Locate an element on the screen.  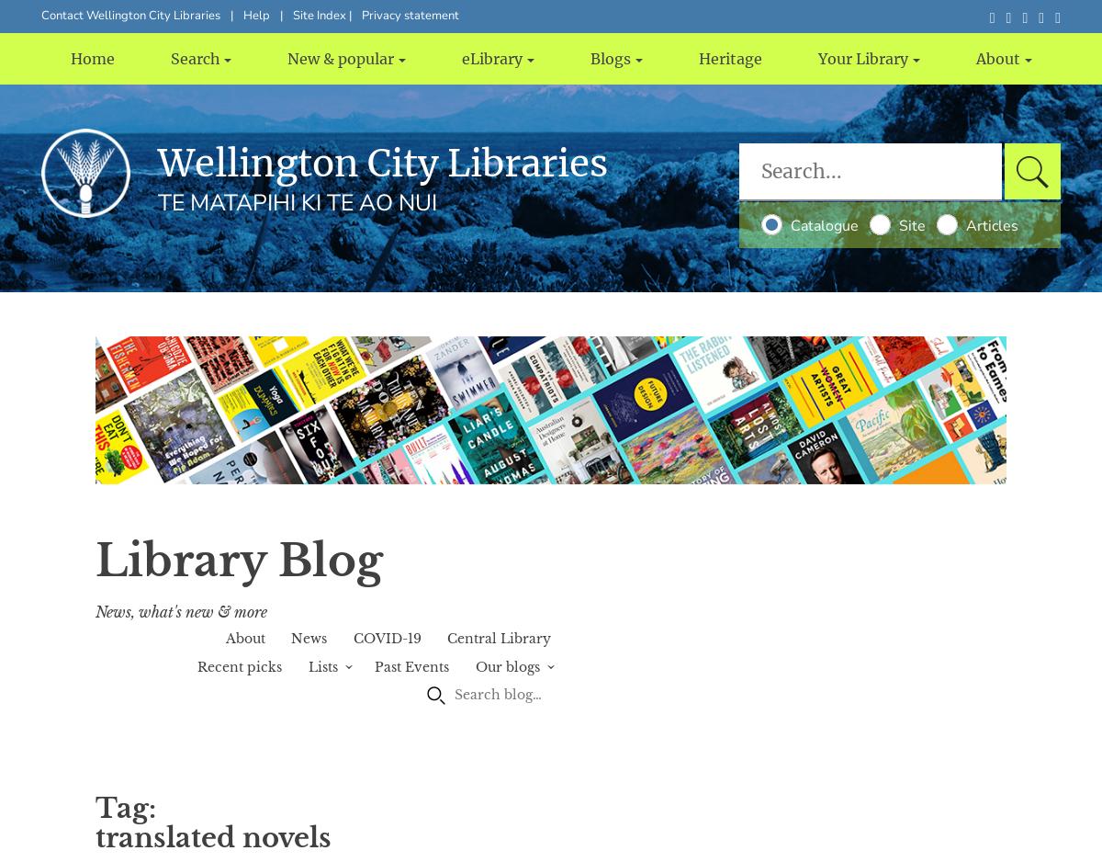
'News, what's new & more' is located at coordinates (180, 610).